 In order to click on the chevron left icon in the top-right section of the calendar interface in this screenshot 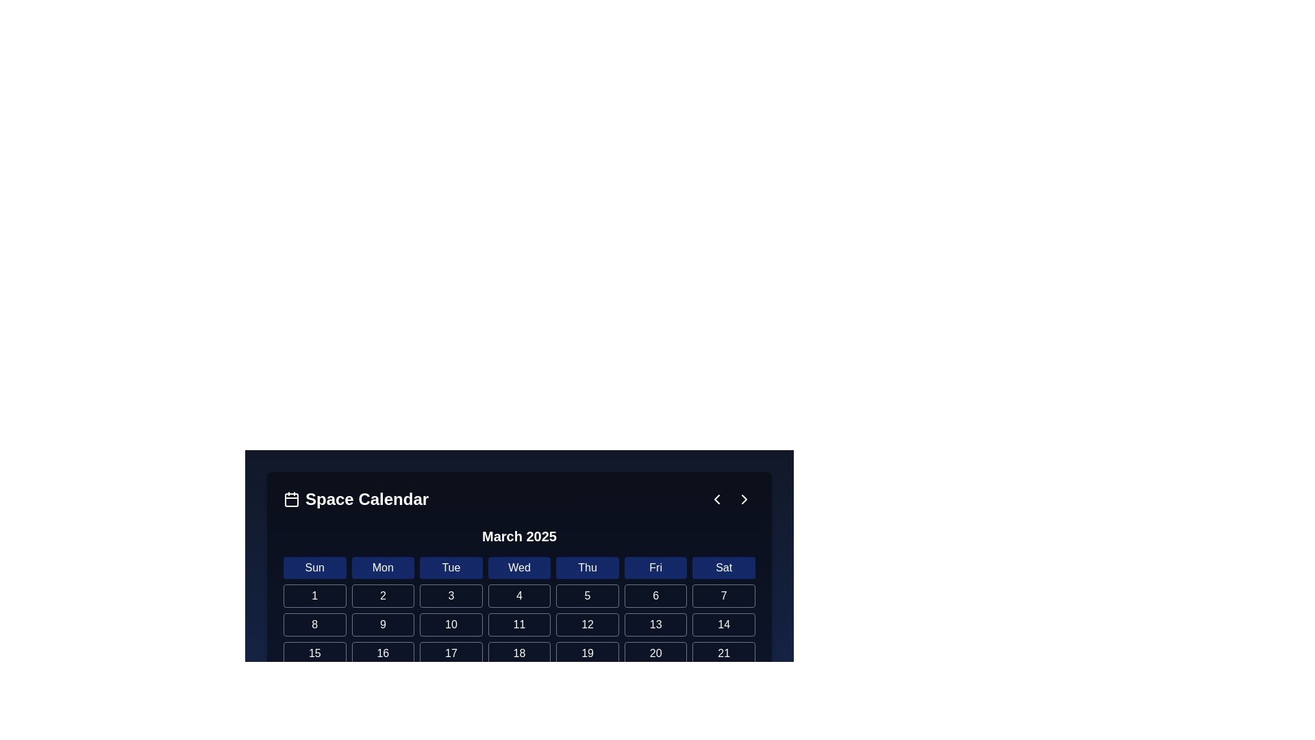, I will do `click(716, 500)`.